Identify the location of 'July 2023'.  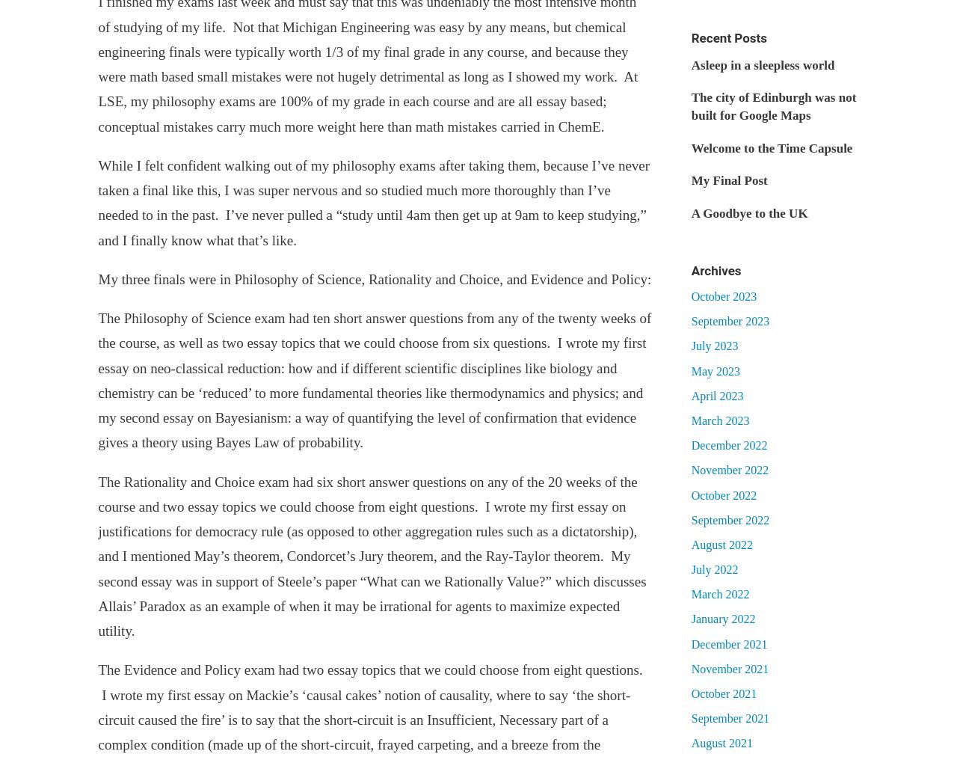
(713, 345).